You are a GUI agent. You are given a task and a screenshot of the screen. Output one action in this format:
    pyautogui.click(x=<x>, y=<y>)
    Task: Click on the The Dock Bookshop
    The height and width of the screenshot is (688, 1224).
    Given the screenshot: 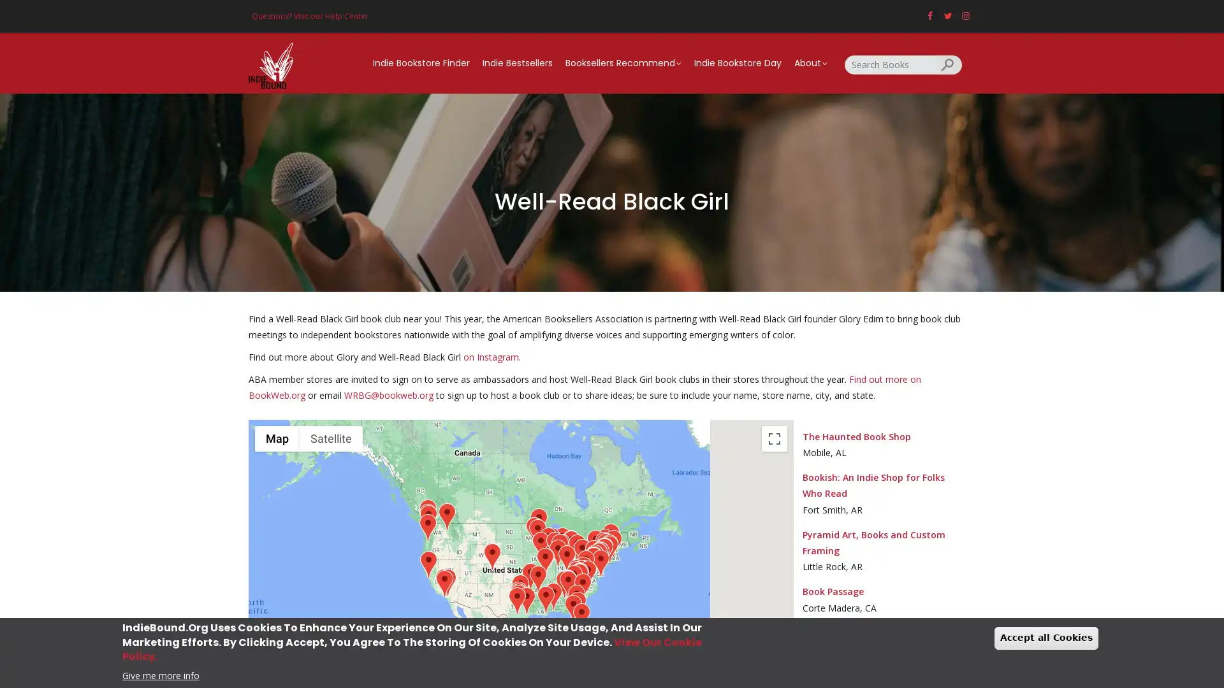 What is the action you would take?
    pyautogui.click(x=520, y=587)
    